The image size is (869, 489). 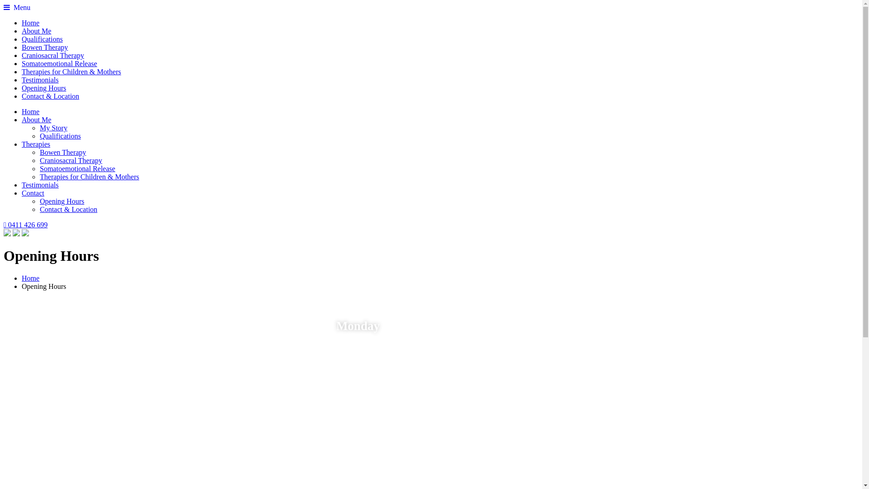 I want to click on 'Contact & Location', so click(x=50, y=96).